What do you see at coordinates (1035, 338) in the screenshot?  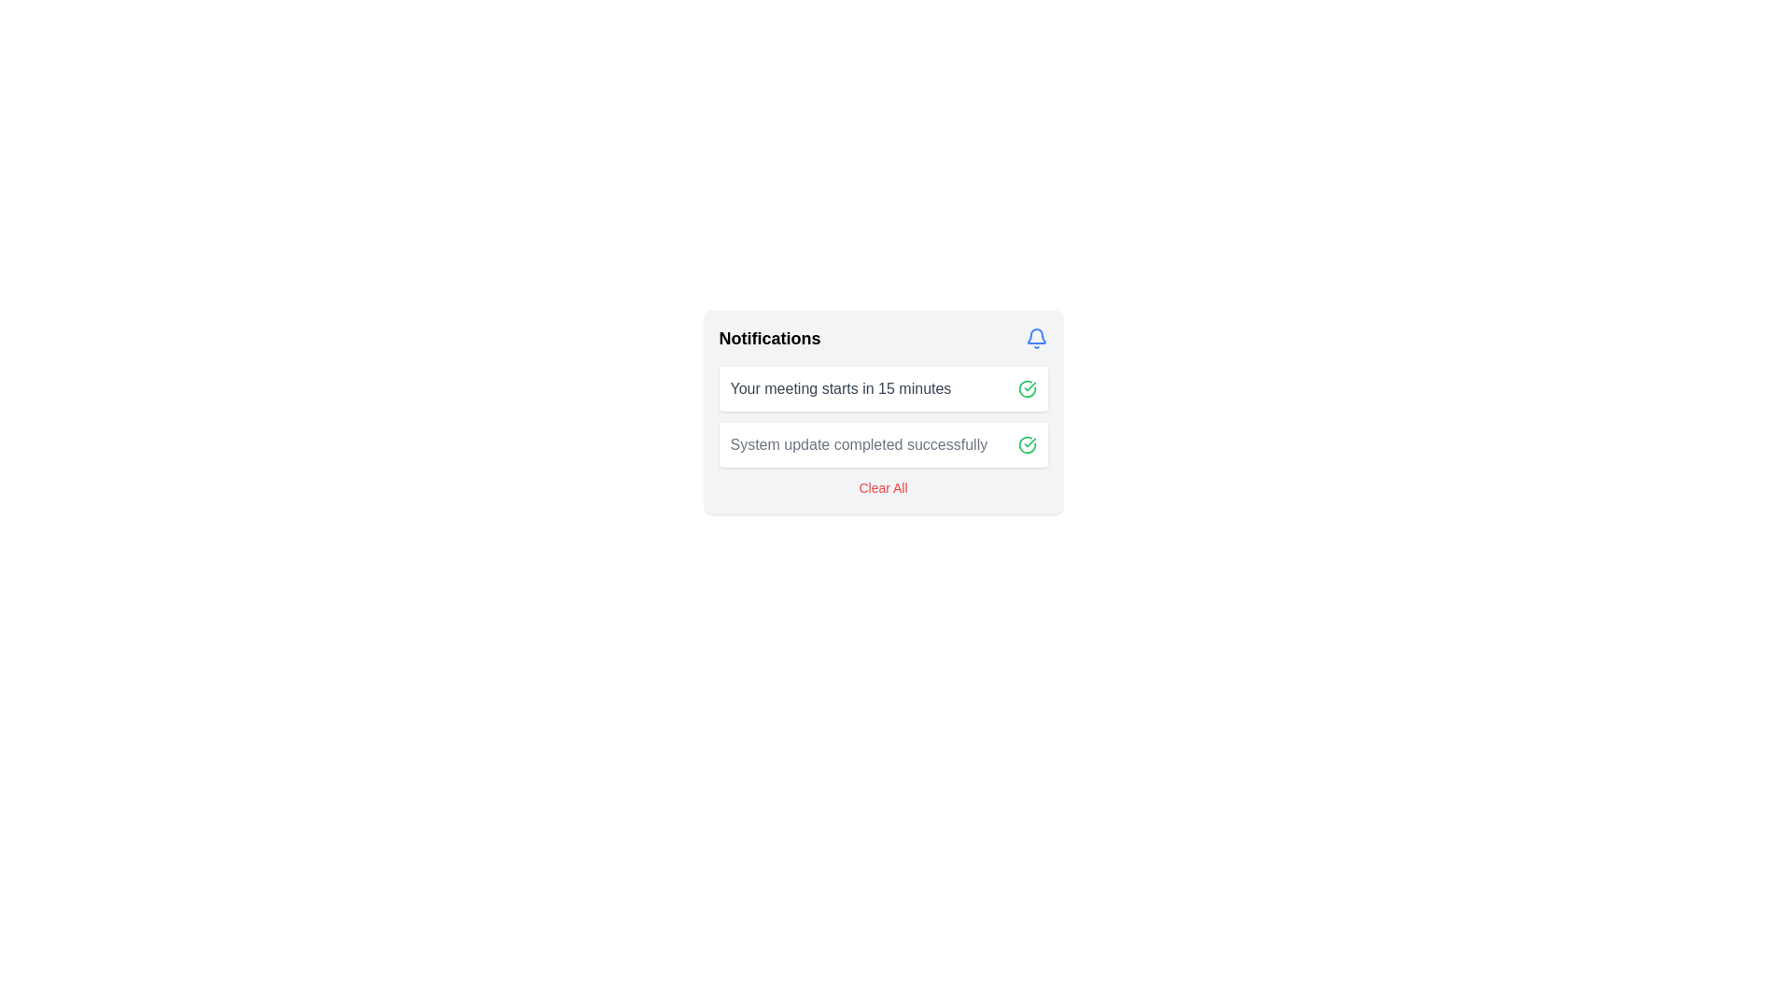 I see `the blue bell icon located in the header of the 'Notifications' section, positioned to the right of the 'Notifications' title` at bounding box center [1035, 338].